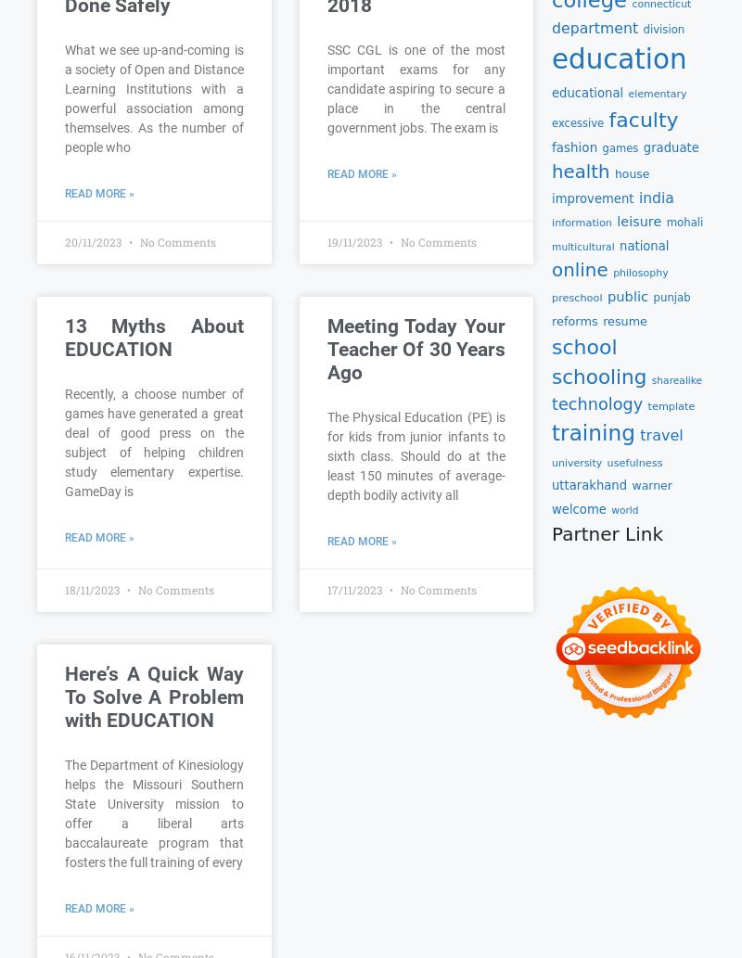 This screenshot has width=742, height=958. What do you see at coordinates (551, 377) in the screenshot?
I see `'schooling'` at bounding box center [551, 377].